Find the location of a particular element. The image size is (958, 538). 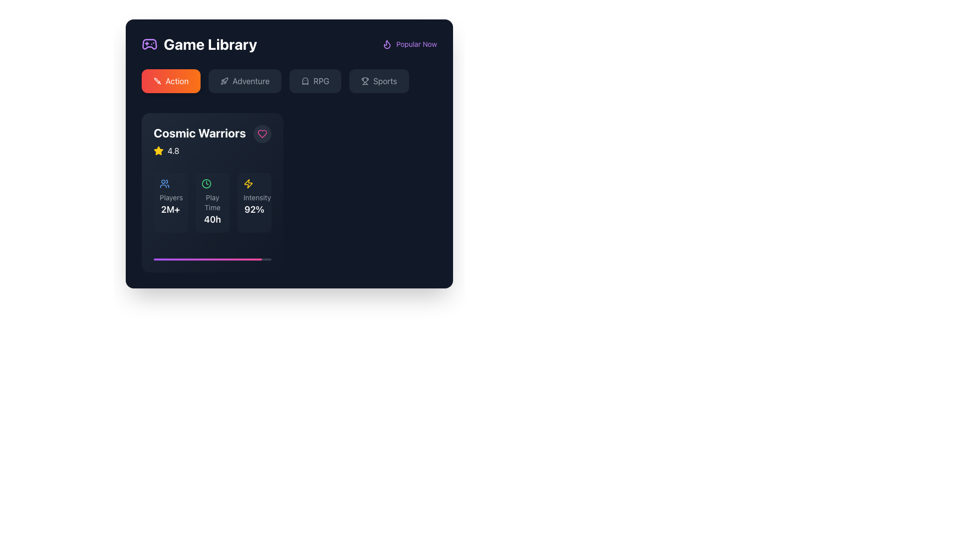

the 'Sports' button located at the right end of the navigation bar is located at coordinates (385, 80).